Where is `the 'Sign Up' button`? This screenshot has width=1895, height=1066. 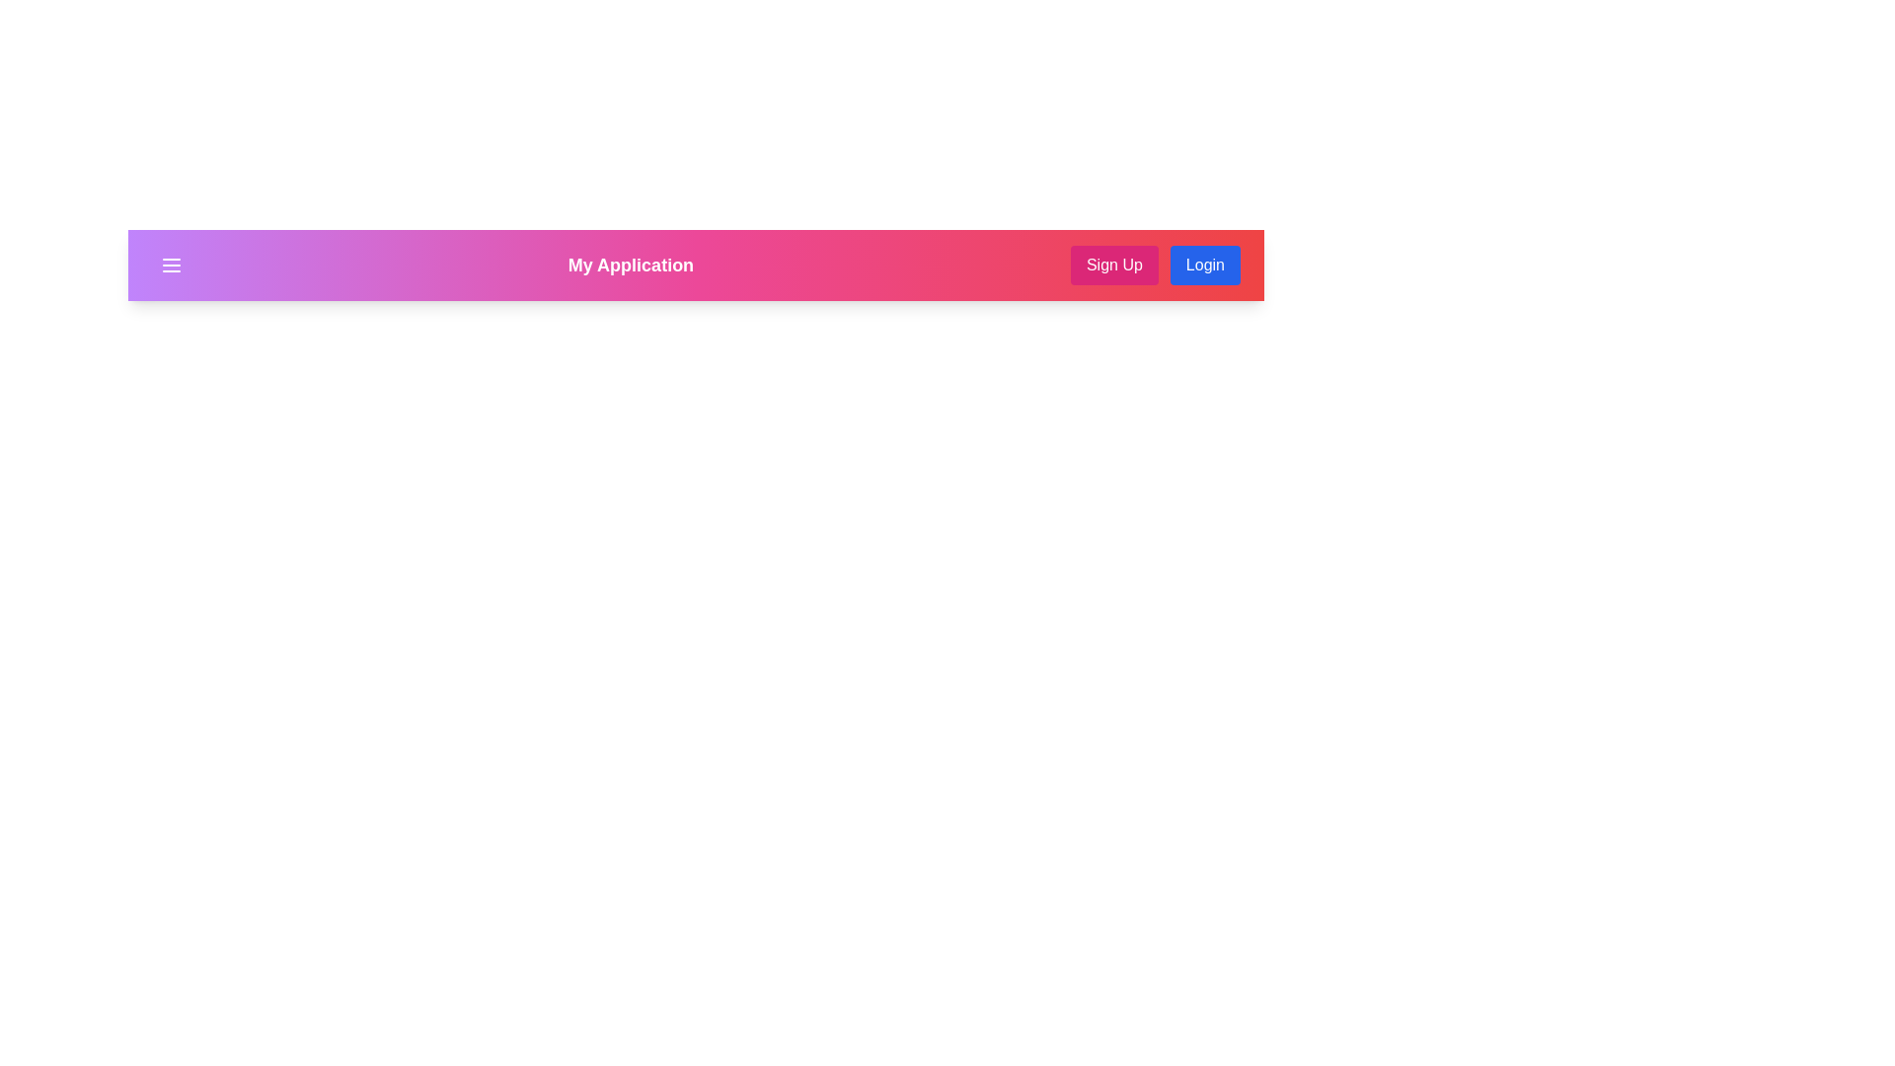
the 'Sign Up' button is located at coordinates (1114, 265).